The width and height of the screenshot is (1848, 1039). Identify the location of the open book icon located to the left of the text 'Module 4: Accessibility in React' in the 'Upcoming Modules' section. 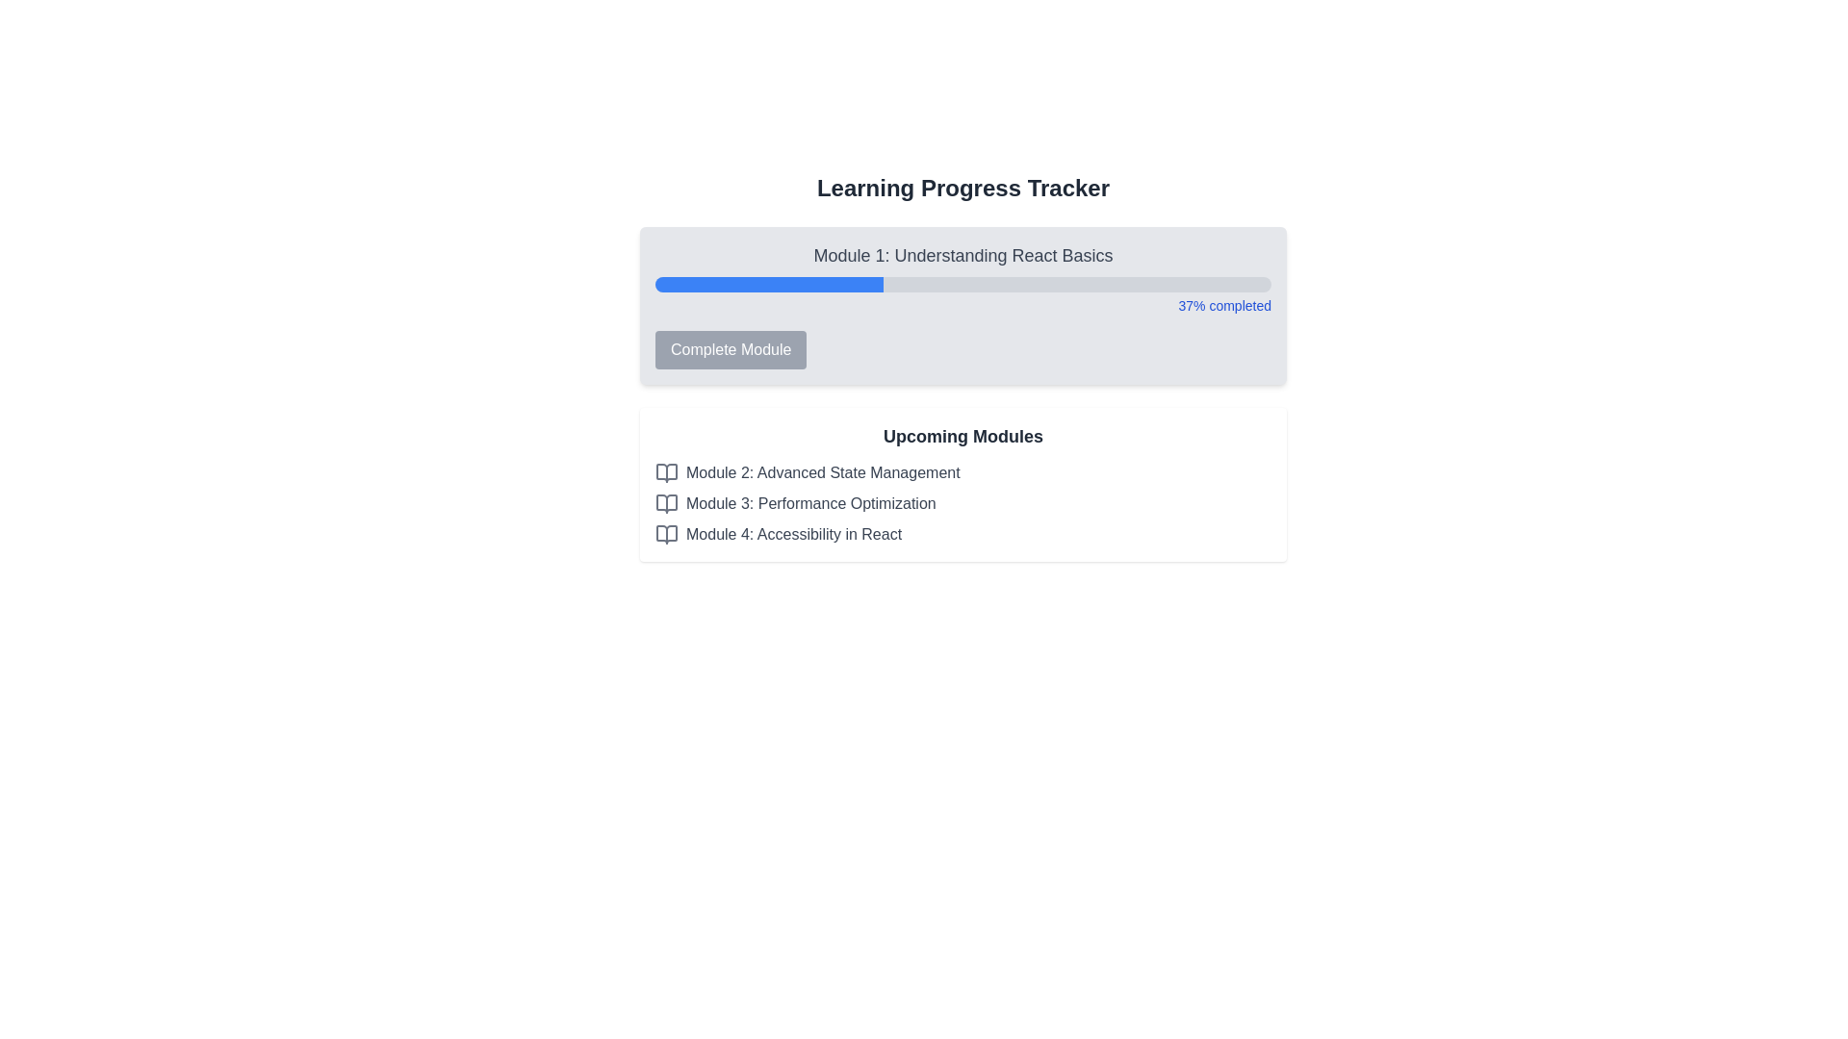
(666, 534).